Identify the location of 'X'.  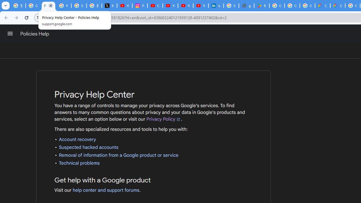
(109, 6).